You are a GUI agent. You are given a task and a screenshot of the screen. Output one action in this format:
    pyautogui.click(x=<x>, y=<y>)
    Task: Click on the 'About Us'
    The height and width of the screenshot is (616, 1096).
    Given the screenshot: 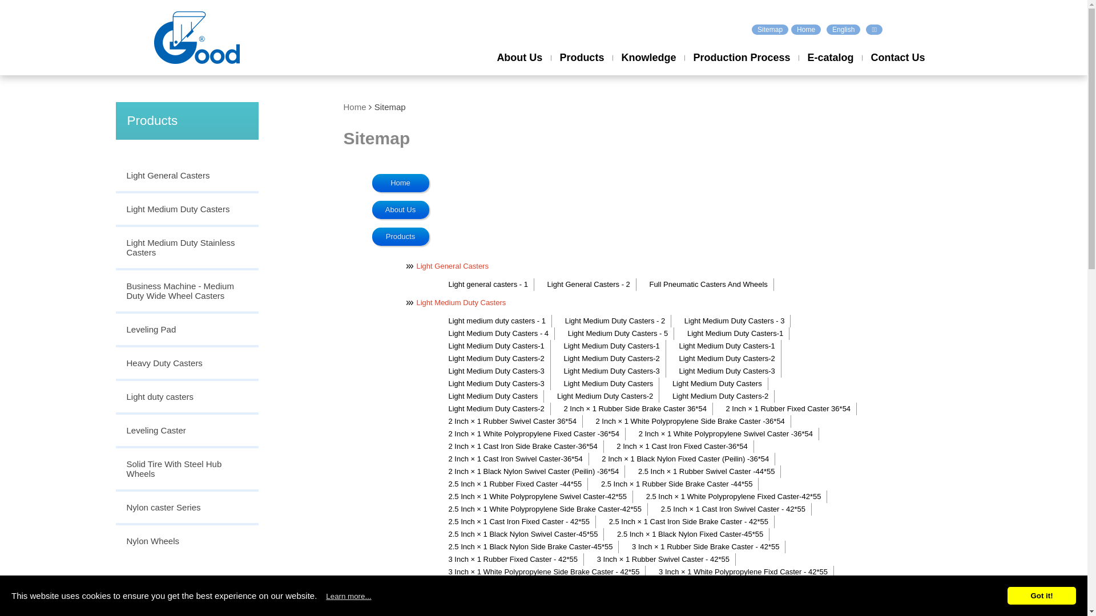 What is the action you would take?
    pyautogui.click(x=487, y=68)
    